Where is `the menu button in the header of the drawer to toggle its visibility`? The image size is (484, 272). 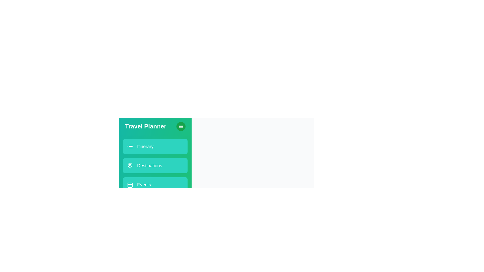 the menu button in the header of the drawer to toggle its visibility is located at coordinates (181, 126).